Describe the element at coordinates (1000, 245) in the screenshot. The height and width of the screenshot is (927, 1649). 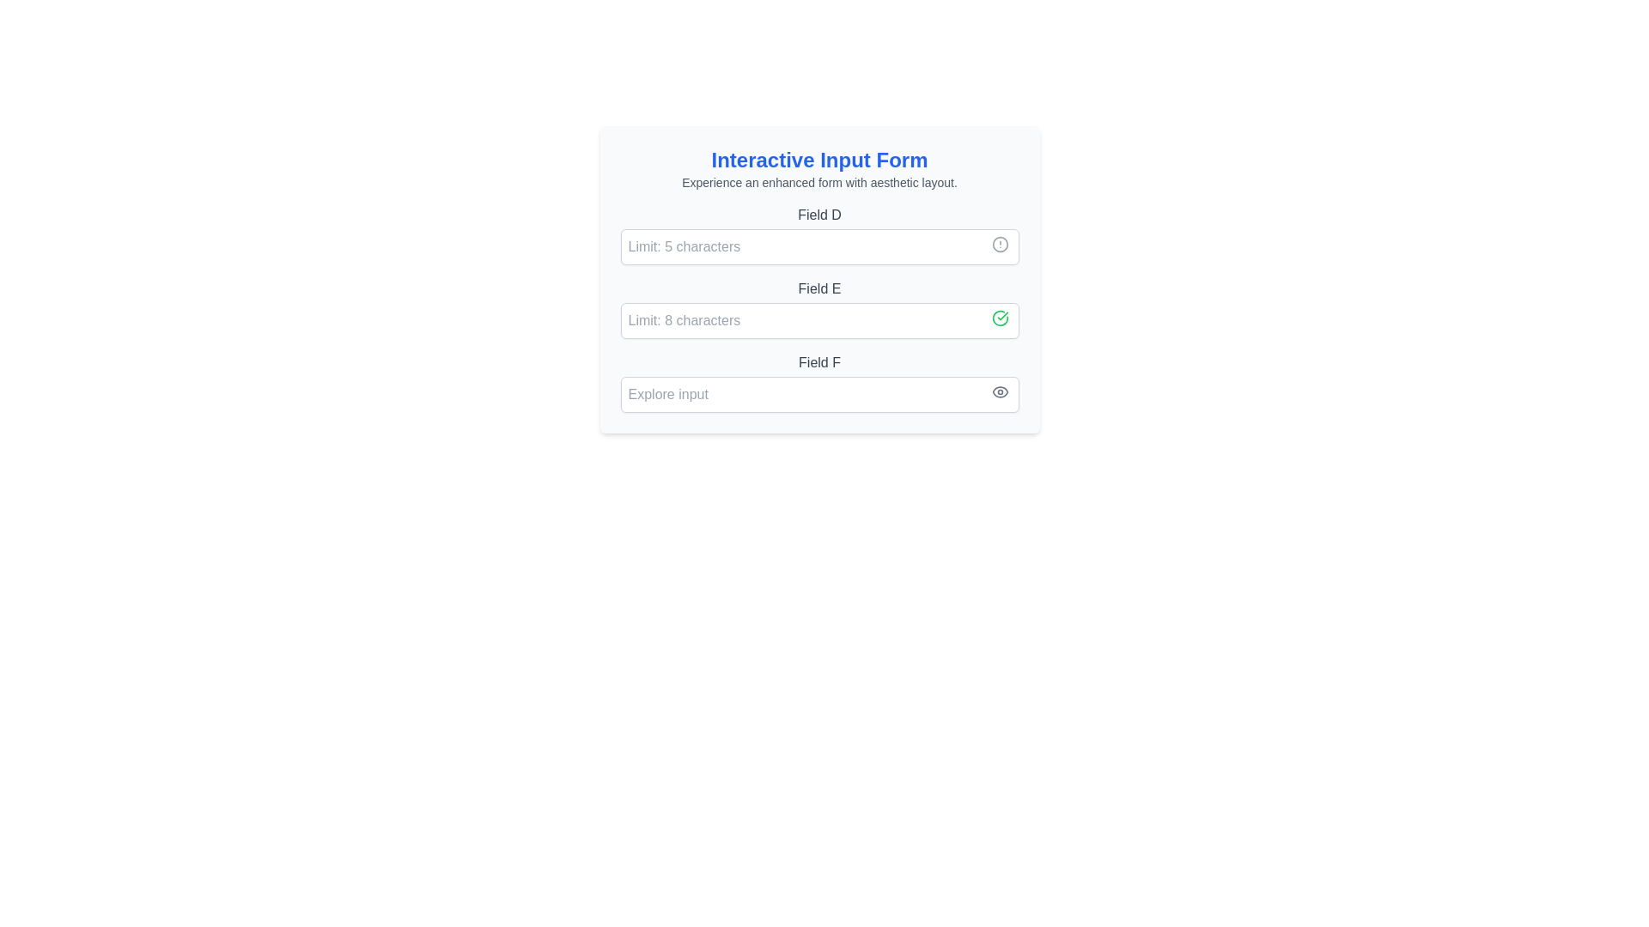
I see `the warning or informational indicator icon located at the rightmost part of the 'Field D' input section adjacent to the input area` at that location.